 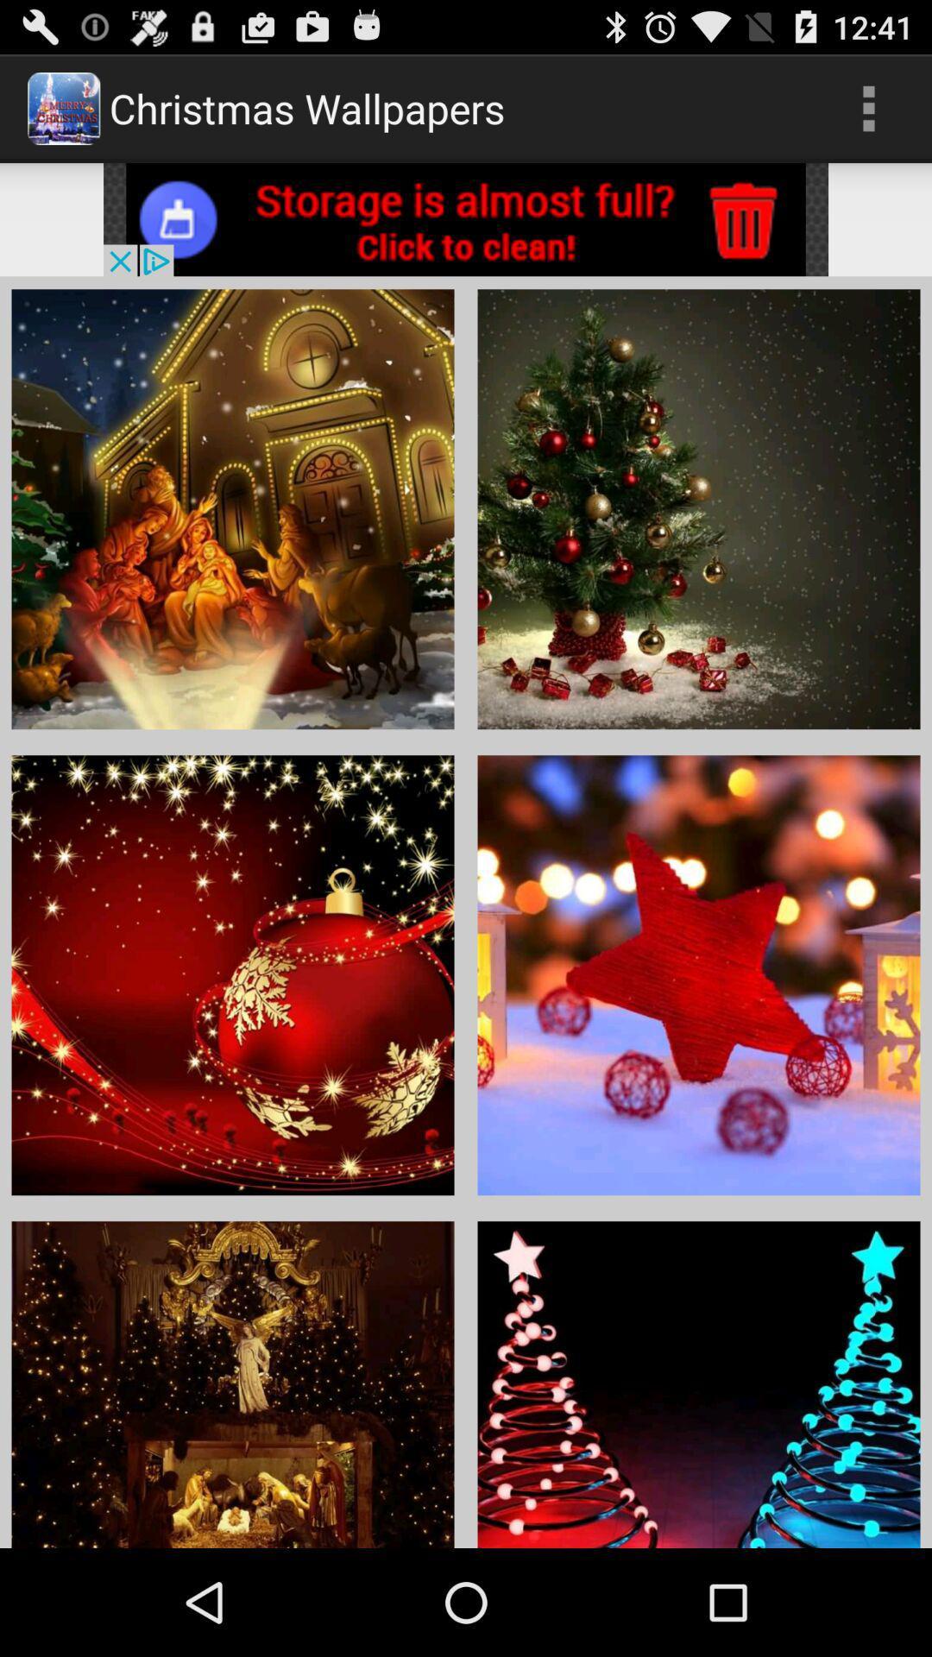 What do you see at coordinates (466, 218) in the screenshot?
I see `delete` at bounding box center [466, 218].